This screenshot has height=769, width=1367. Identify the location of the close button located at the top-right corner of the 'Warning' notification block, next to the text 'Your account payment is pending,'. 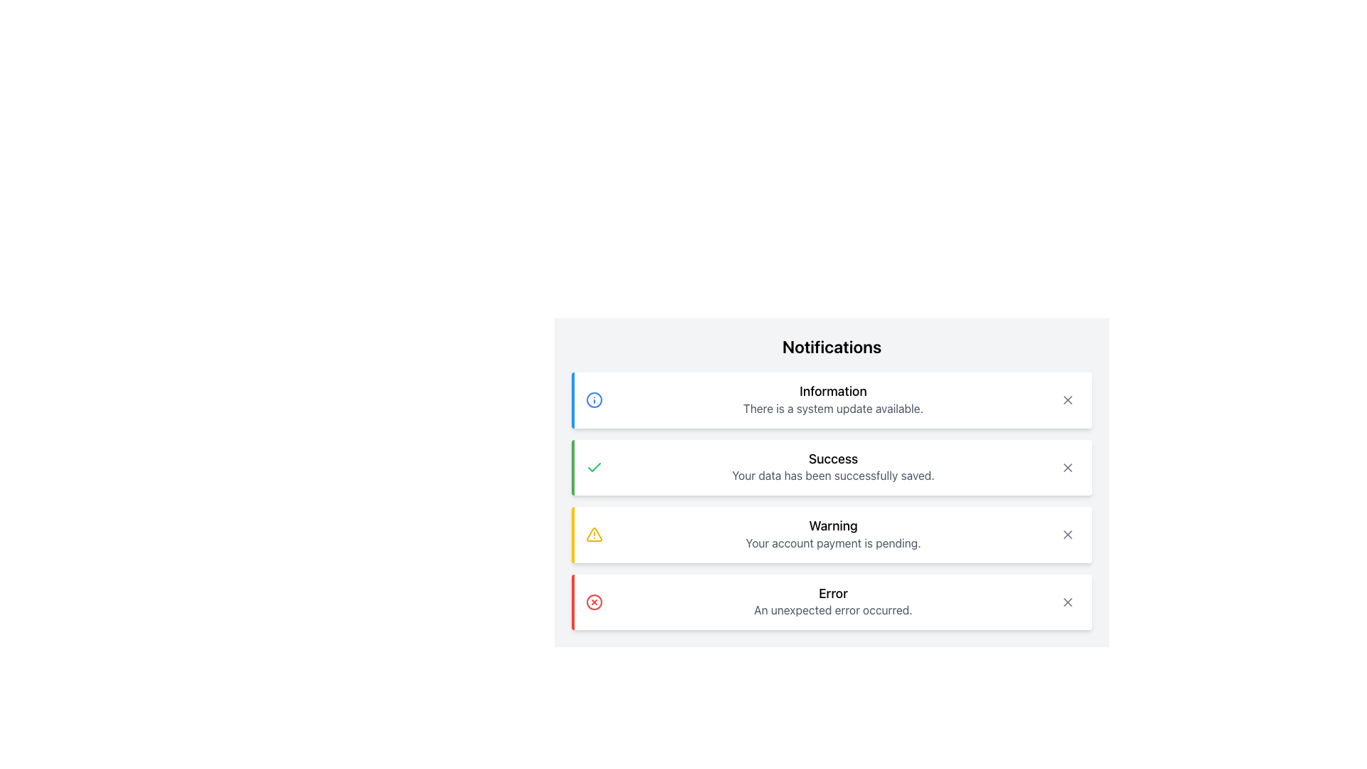
(1067, 535).